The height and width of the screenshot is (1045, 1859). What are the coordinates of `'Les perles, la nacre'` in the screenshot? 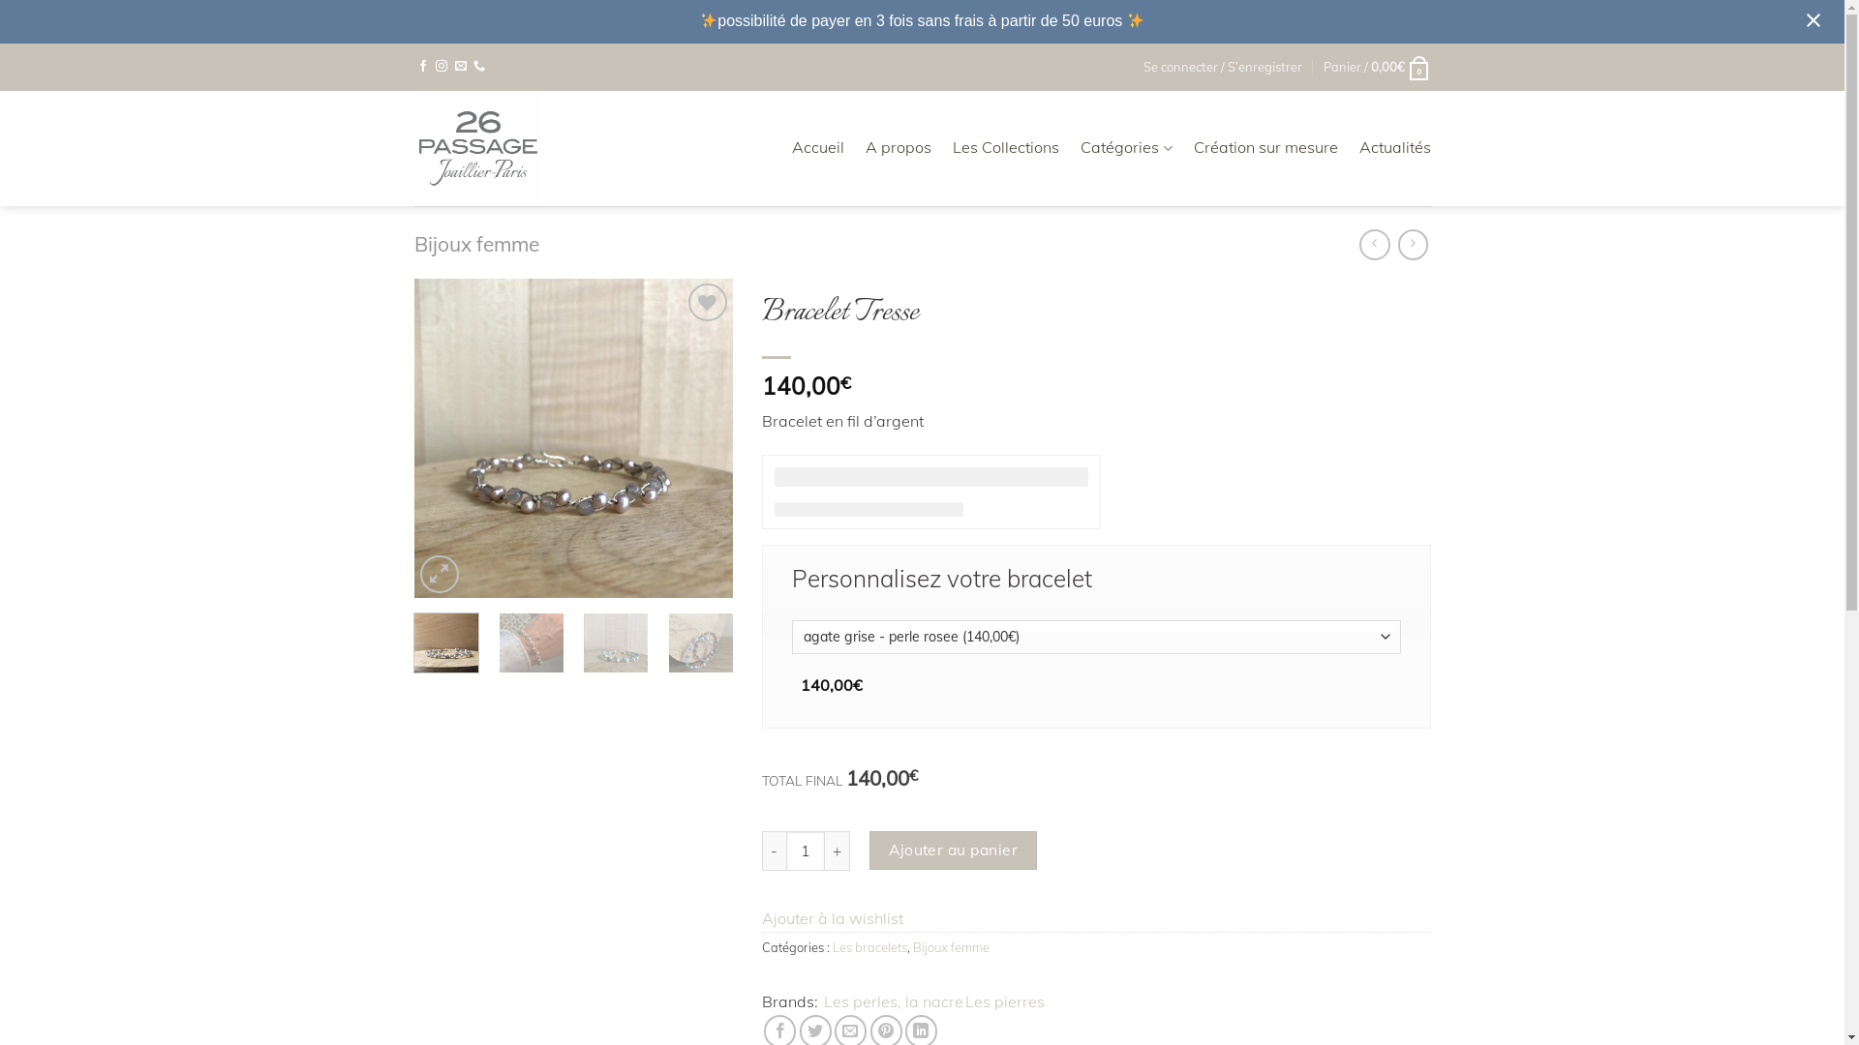 It's located at (823, 1001).